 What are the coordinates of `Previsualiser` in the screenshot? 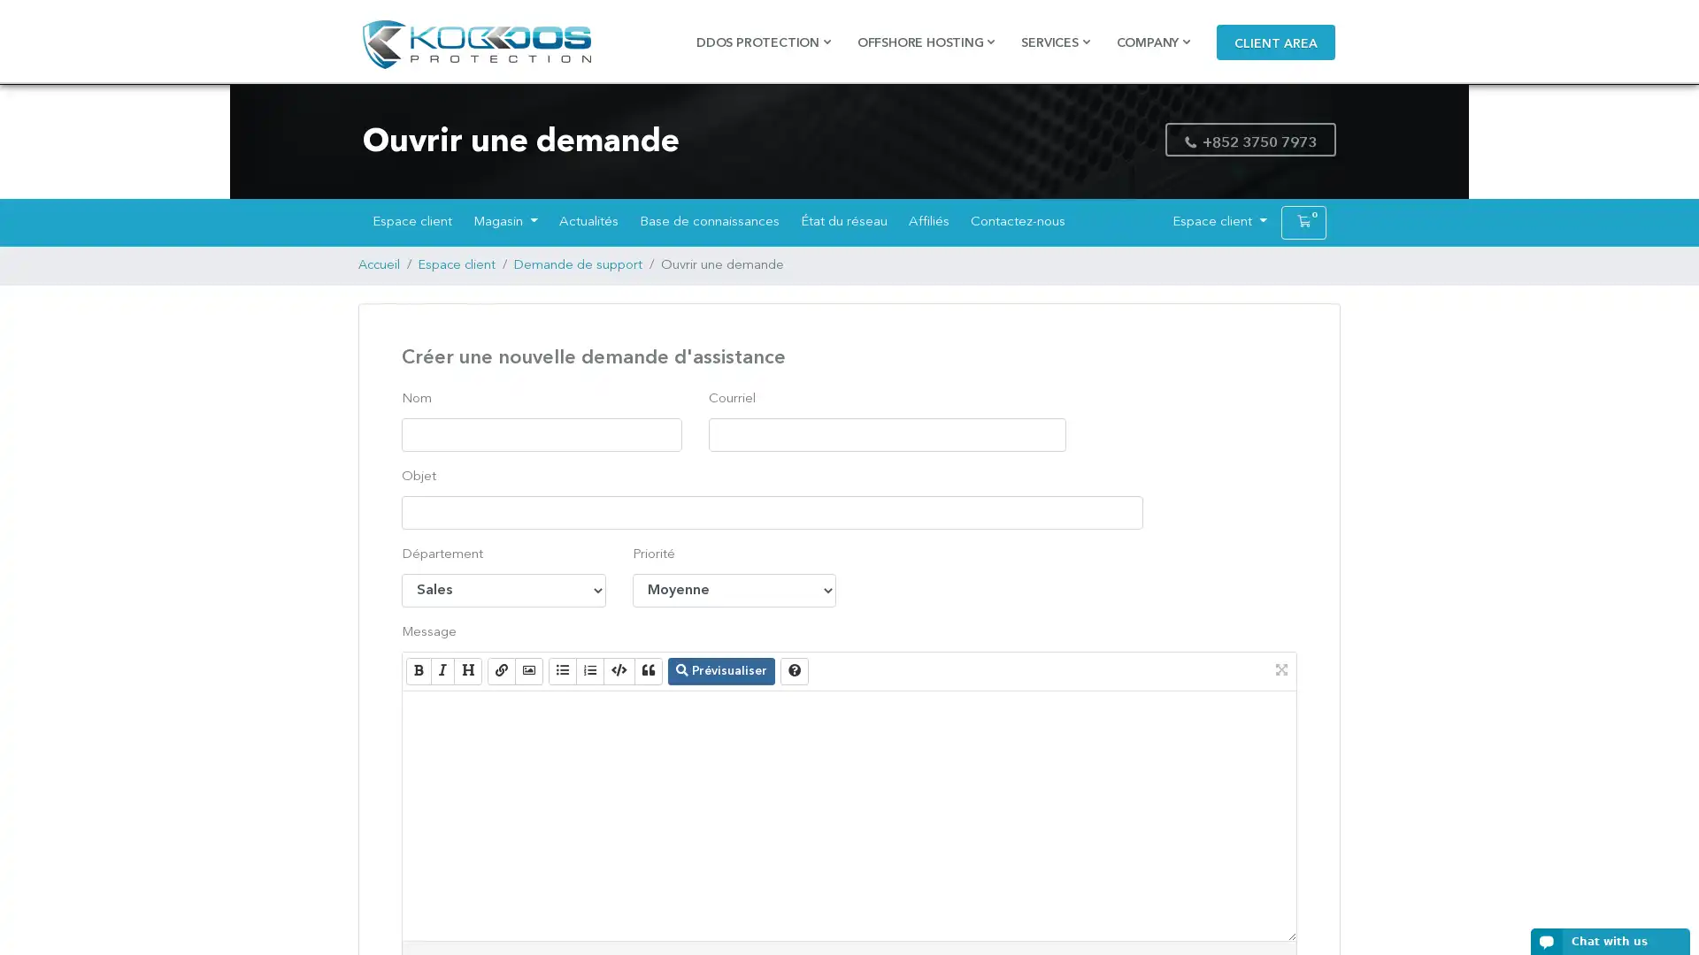 It's located at (721, 670).